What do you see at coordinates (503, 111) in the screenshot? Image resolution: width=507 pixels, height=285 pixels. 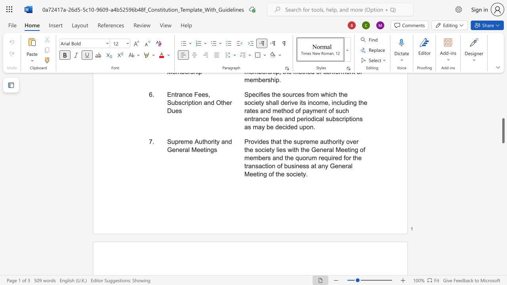 I see `the scrollbar to adjust the page upward` at bounding box center [503, 111].